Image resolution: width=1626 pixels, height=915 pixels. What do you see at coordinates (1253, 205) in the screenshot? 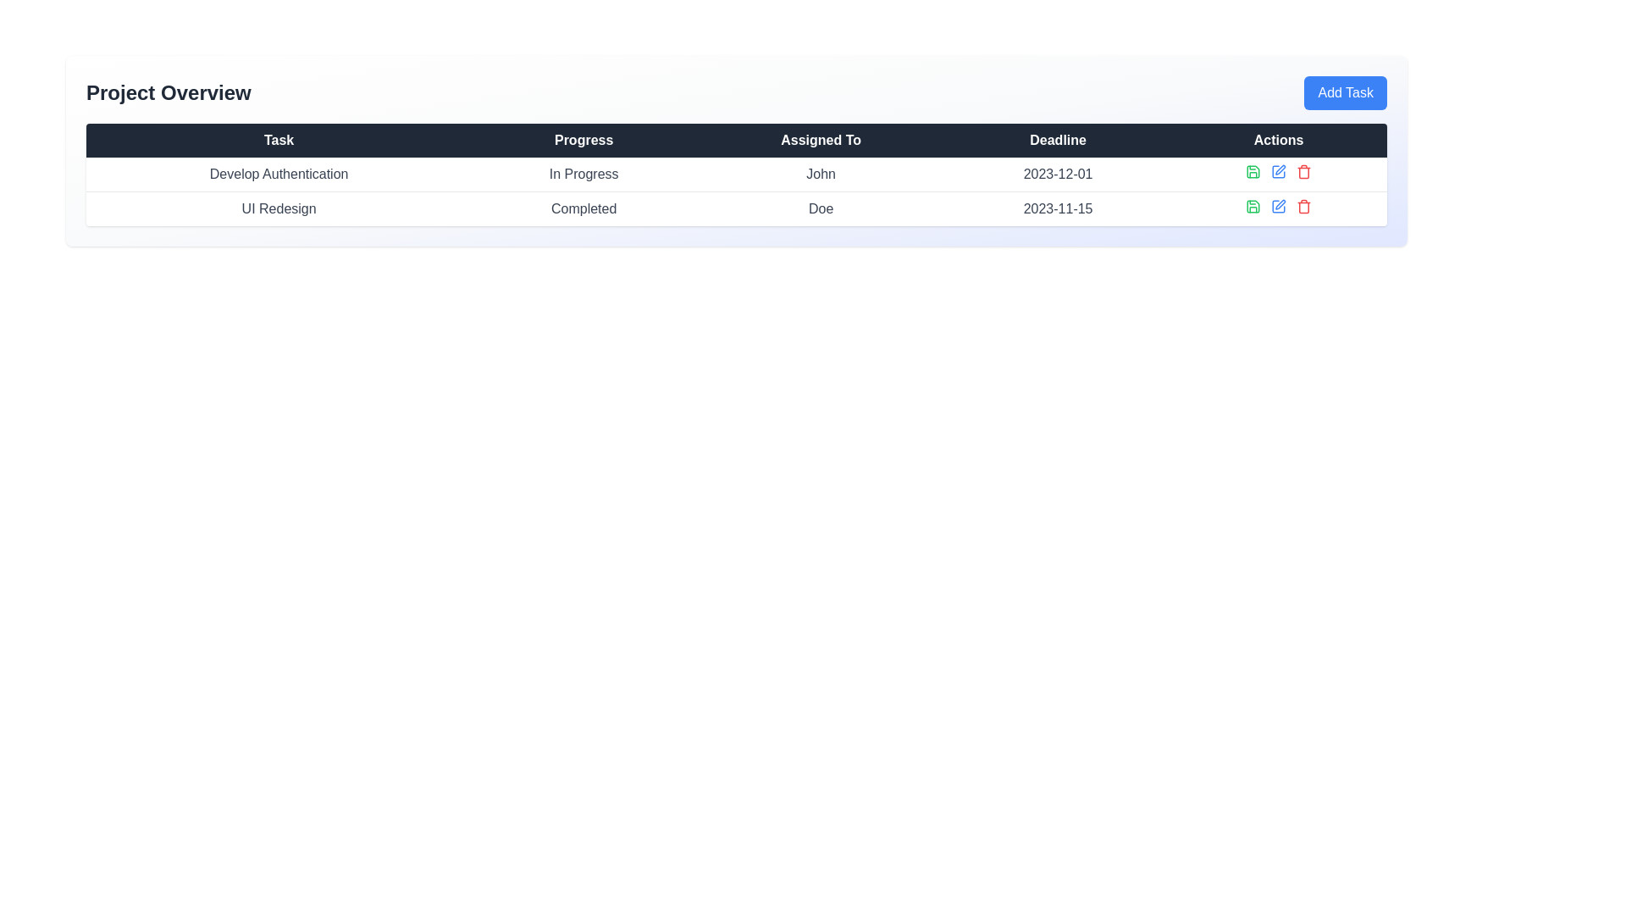
I see `the green save icon, styled as a diskette, located in the 'Actions' column of the first row corresponding to the 'Develop Authentication' task` at bounding box center [1253, 205].